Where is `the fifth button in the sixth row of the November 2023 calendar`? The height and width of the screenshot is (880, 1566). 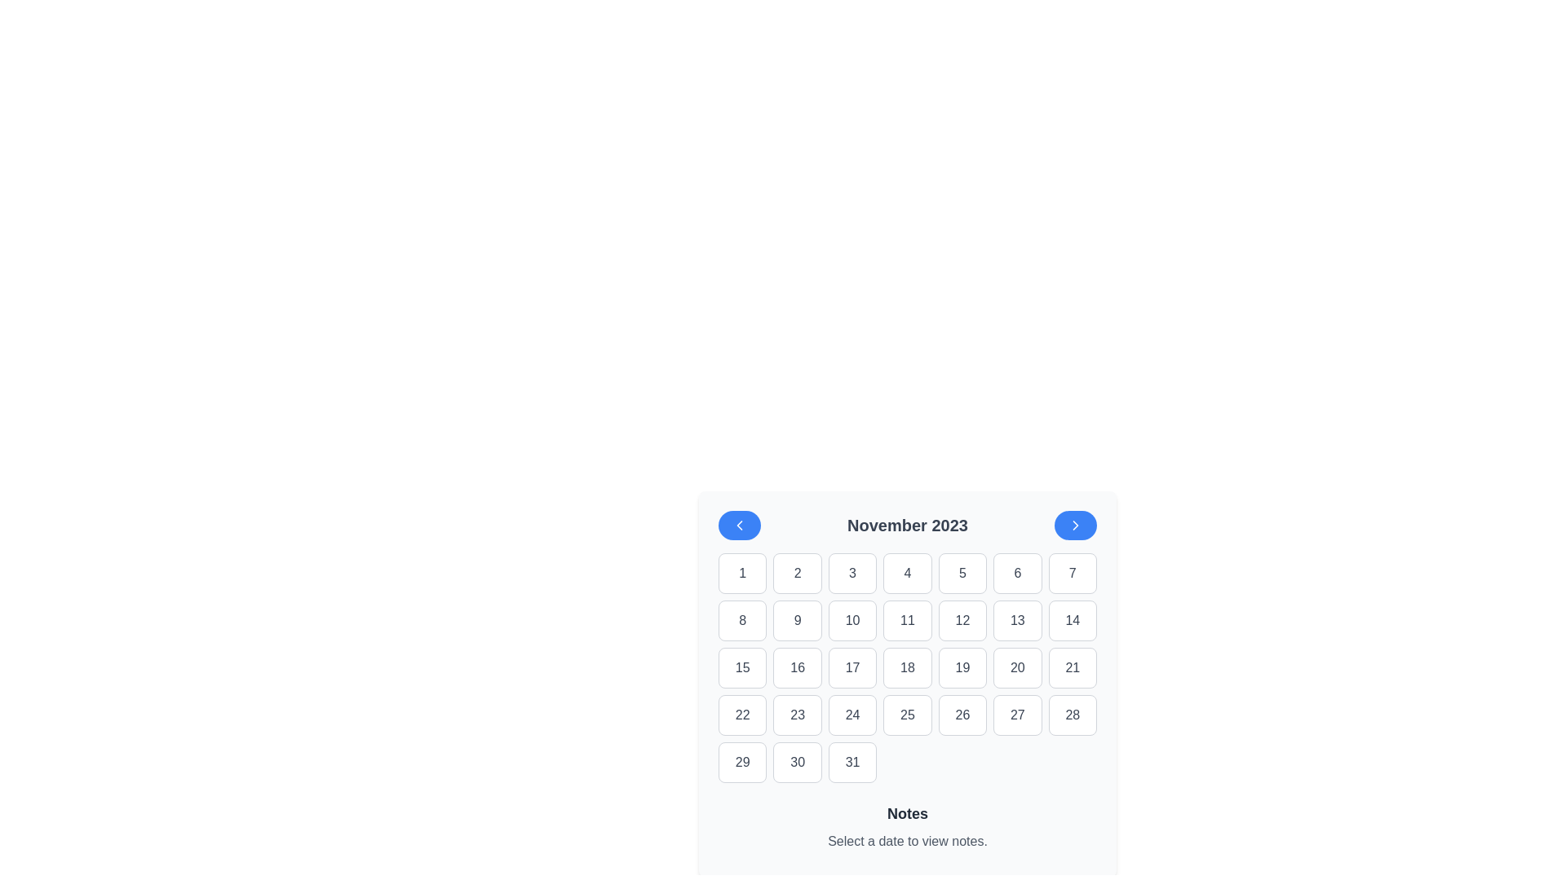
the fifth button in the sixth row of the November 2023 calendar is located at coordinates (1016, 715).